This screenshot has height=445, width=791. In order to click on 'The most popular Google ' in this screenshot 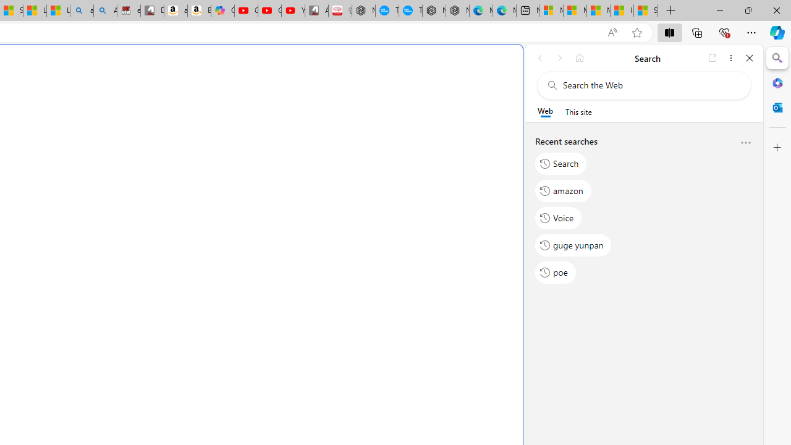, I will do `click(410, 11)`.